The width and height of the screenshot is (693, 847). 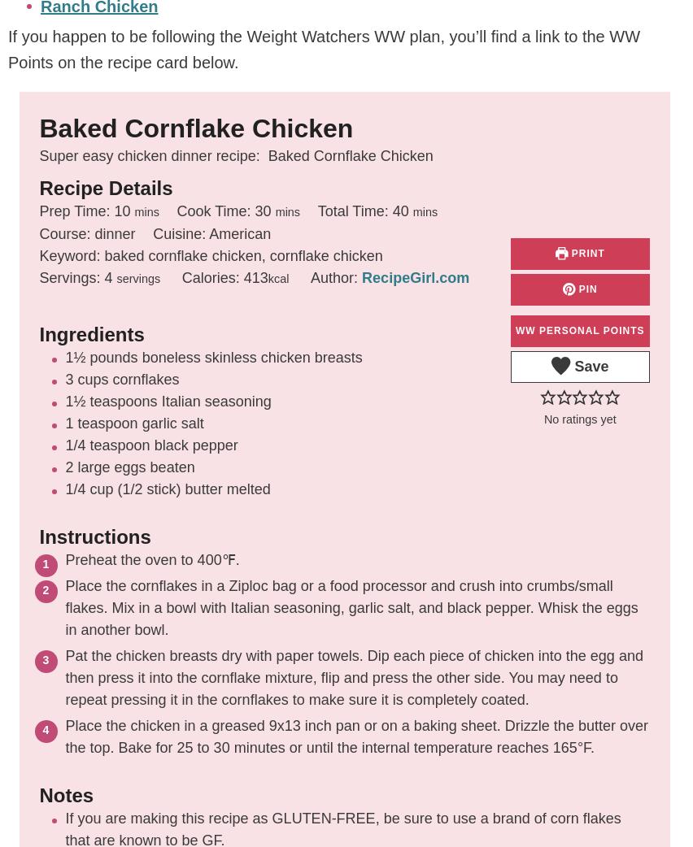 What do you see at coordinates (113, 358) in the screenshot?
I see `'pounds'` at bounding box center [113, 358].